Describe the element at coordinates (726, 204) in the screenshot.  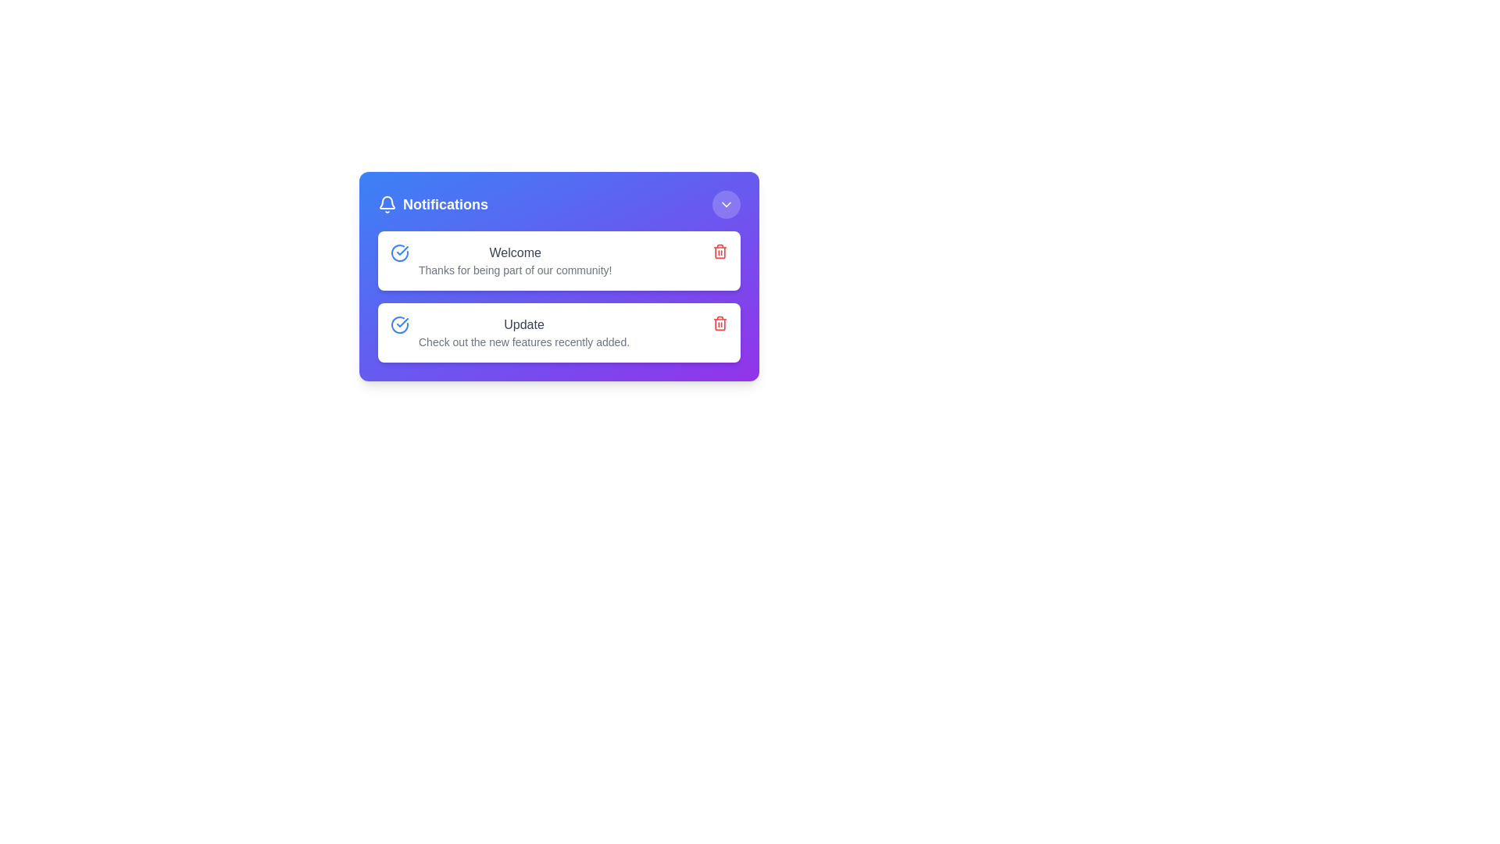
I see `the downward-facing chevron icon with a white outline located in the upper-right circular button within the notification panel` at that location.